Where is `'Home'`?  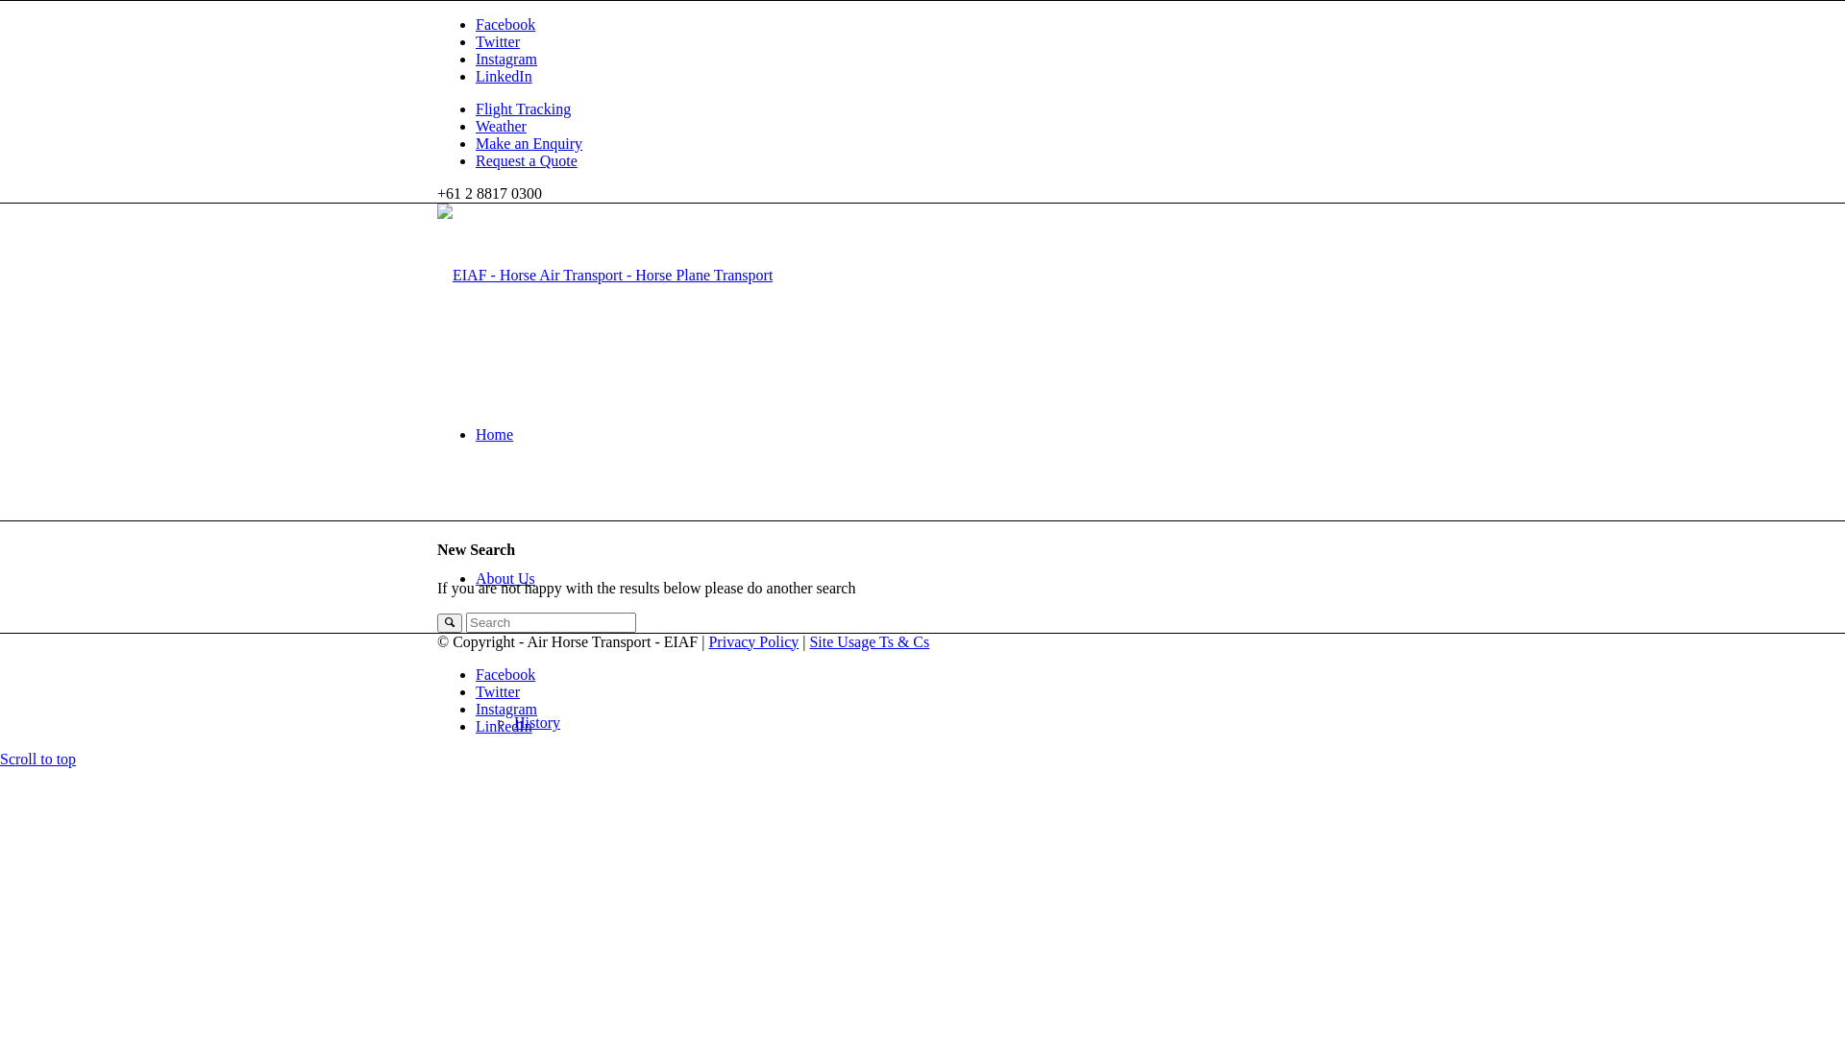
'Home' is located at coordinates (494, 434).